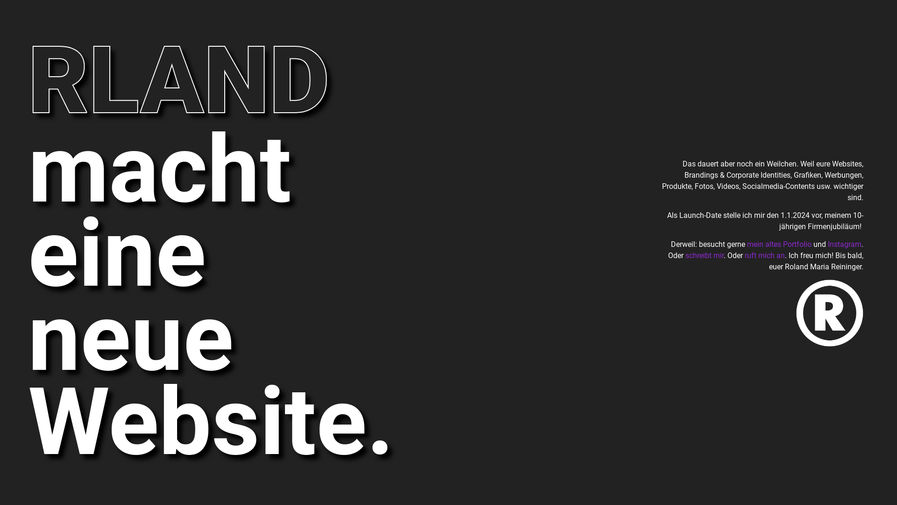 This screenshot has width=897, height=505. I want to click on 'Instagram', so click(845, 244).